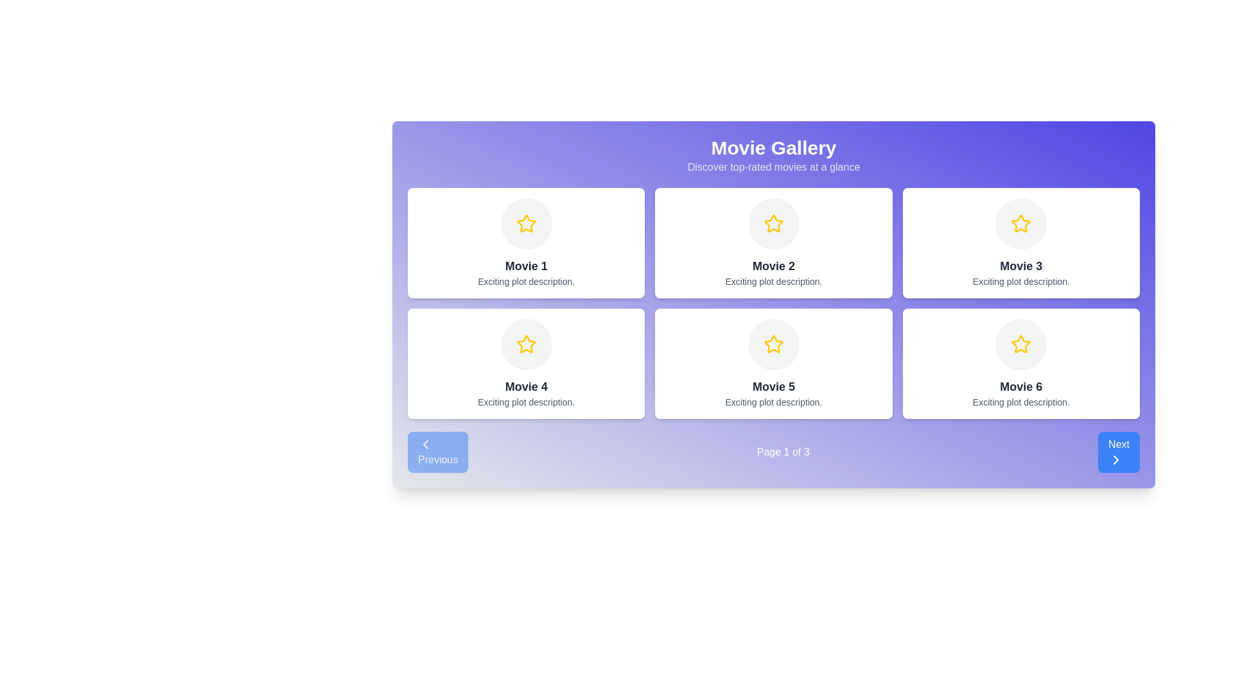  What do you see at coordinates (773, 343) in the screenshot?
I see `the yellow star-shaped icon with a hollow center in the 'Movie 5' card, located in the second row and second column of the grid layout` at bounding box center [773, 343].